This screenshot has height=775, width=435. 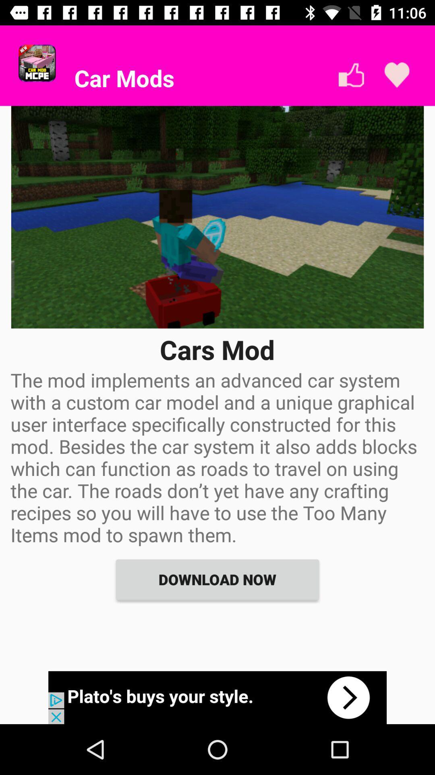 I want to click on like, so click(x=351, y=75).